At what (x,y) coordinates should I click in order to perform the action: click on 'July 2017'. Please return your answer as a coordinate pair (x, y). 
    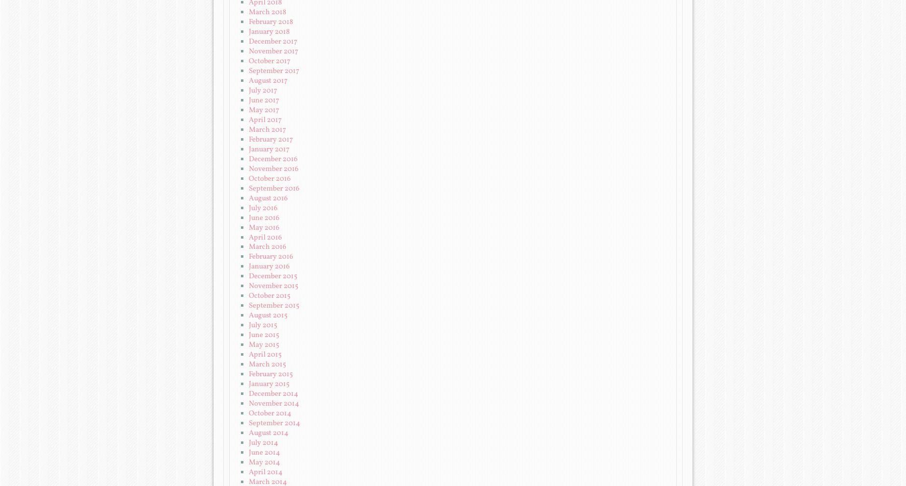
    Looking at the image, I should click on (263, 90).